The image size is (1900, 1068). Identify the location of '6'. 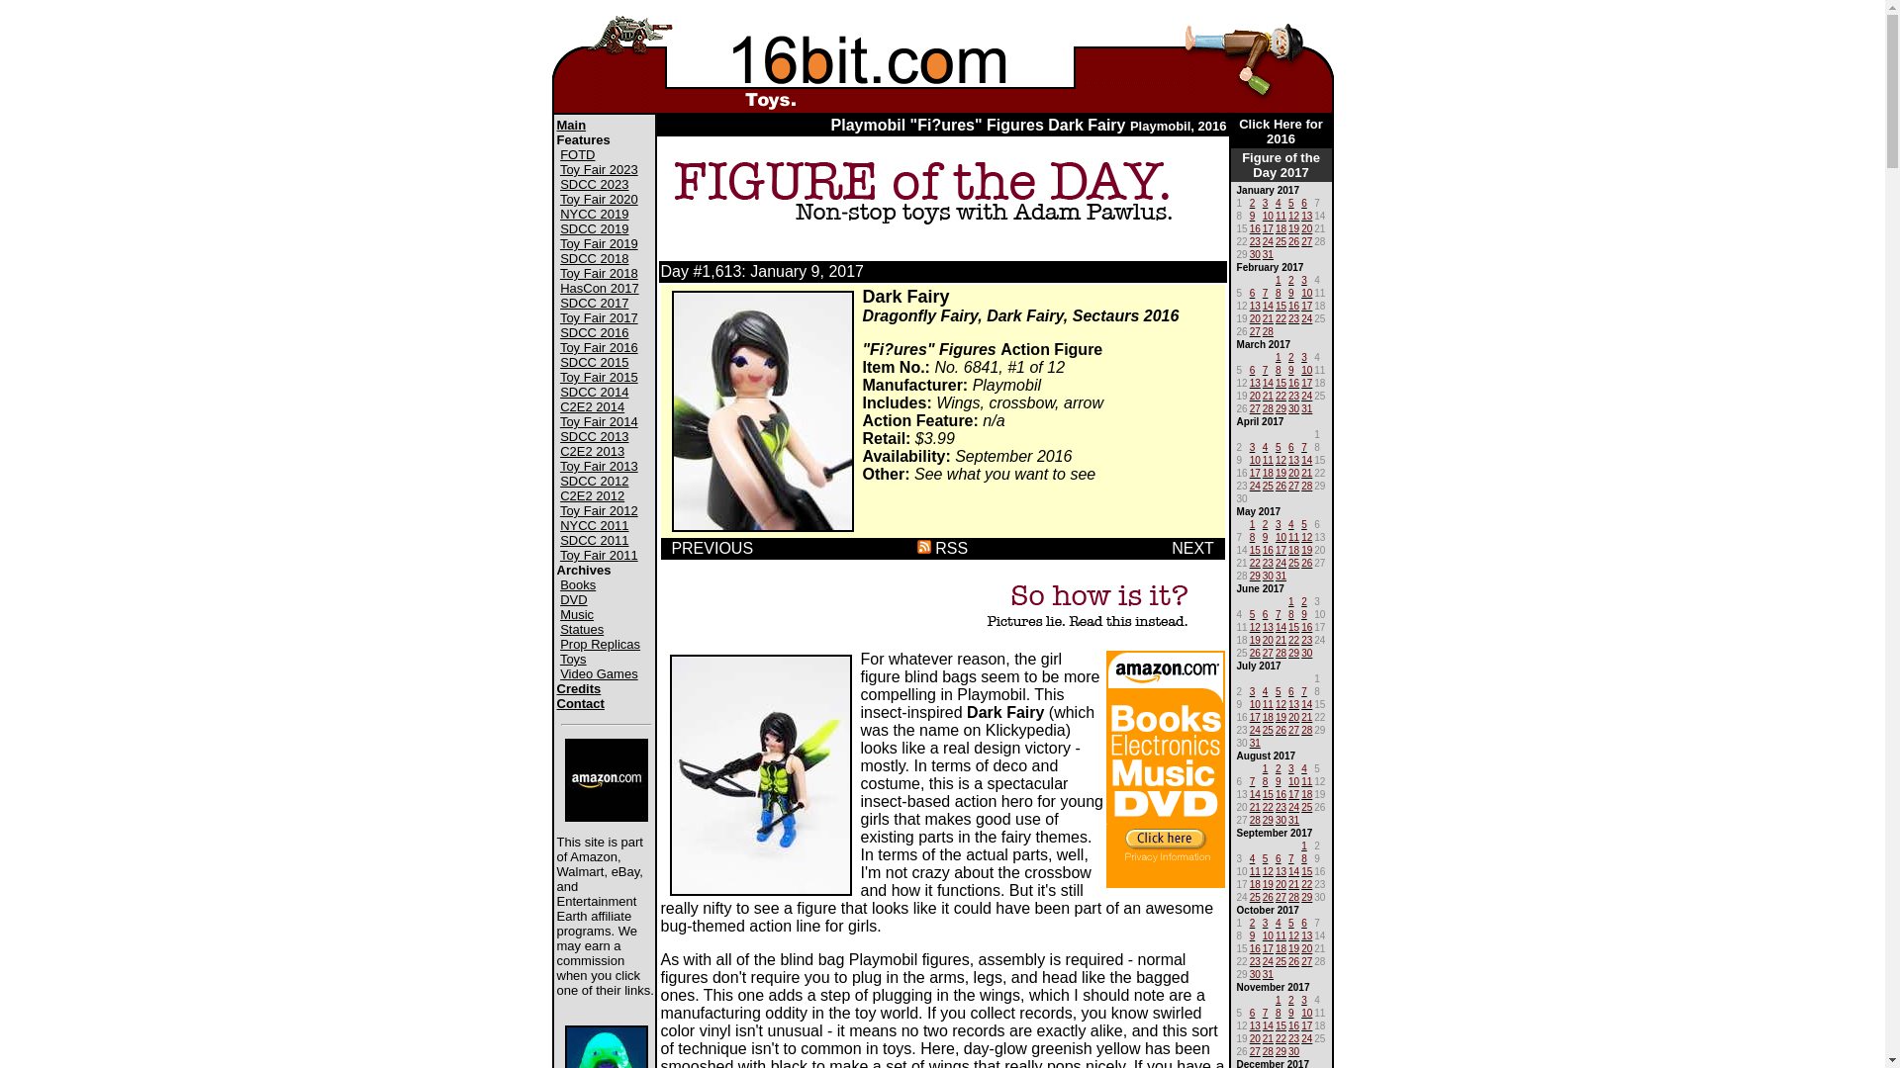
(1291, 688).